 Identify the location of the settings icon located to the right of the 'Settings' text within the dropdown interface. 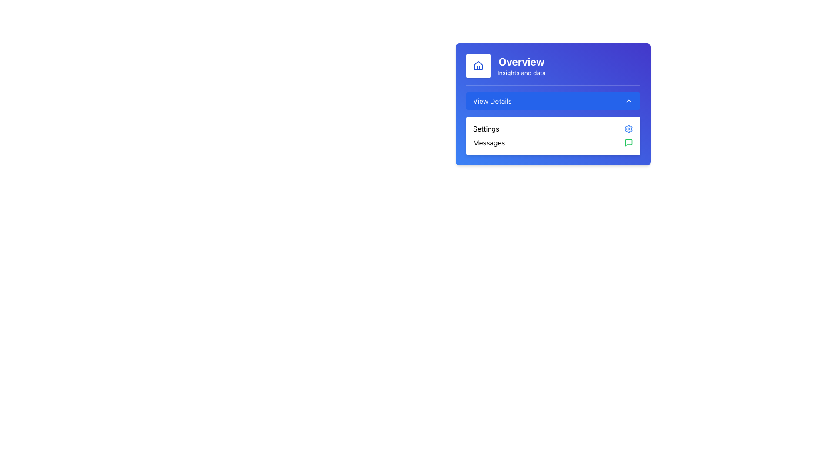
(628, 129).